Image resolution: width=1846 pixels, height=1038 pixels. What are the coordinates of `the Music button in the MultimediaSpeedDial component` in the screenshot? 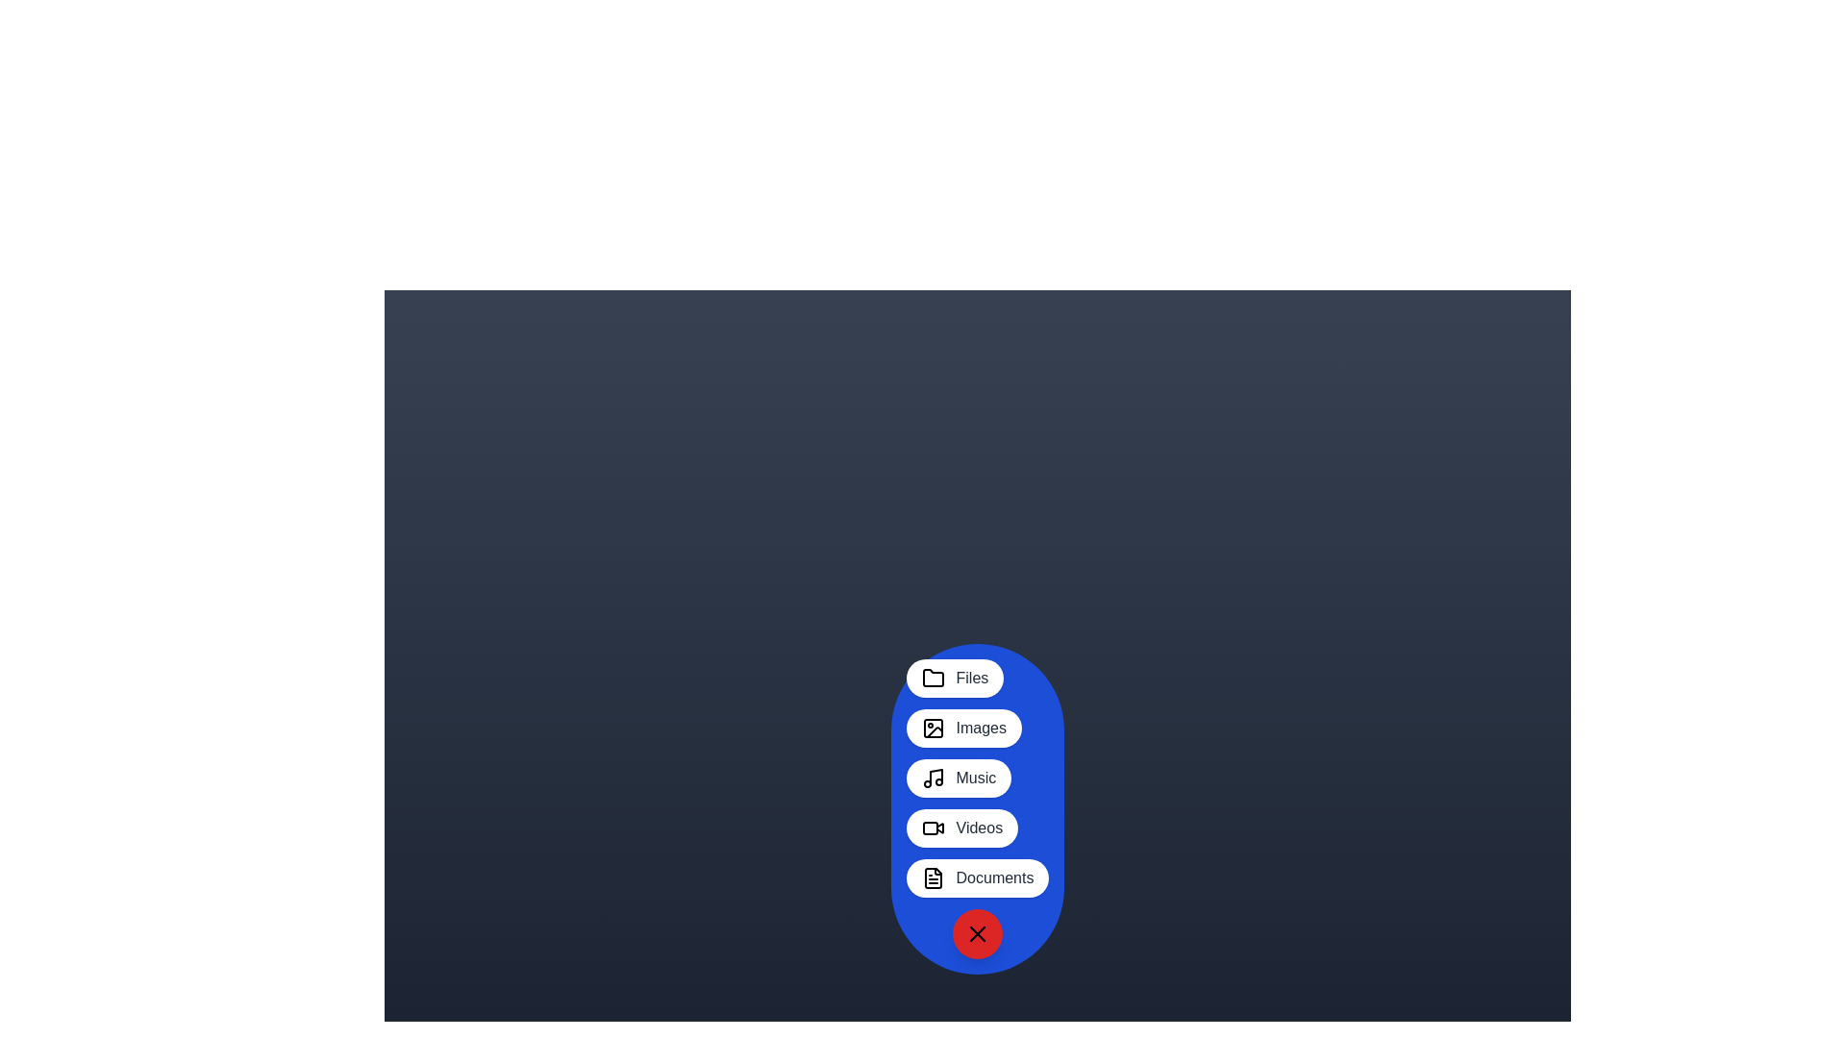 It's located at (959, 778).